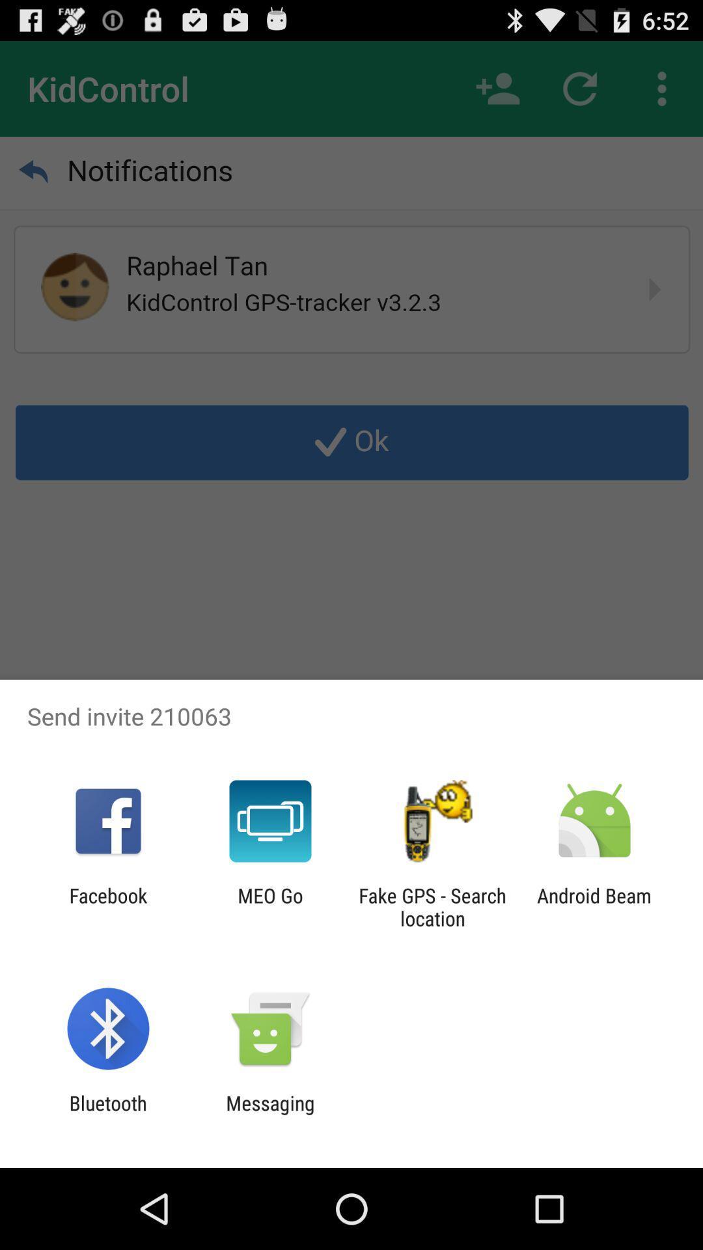 The height and width of the screenshot is (1250, 703). What do you see at coordinates (432, 906) in the screenshot?
I see `app to the left of android beam` at bounding box center [432, 906].